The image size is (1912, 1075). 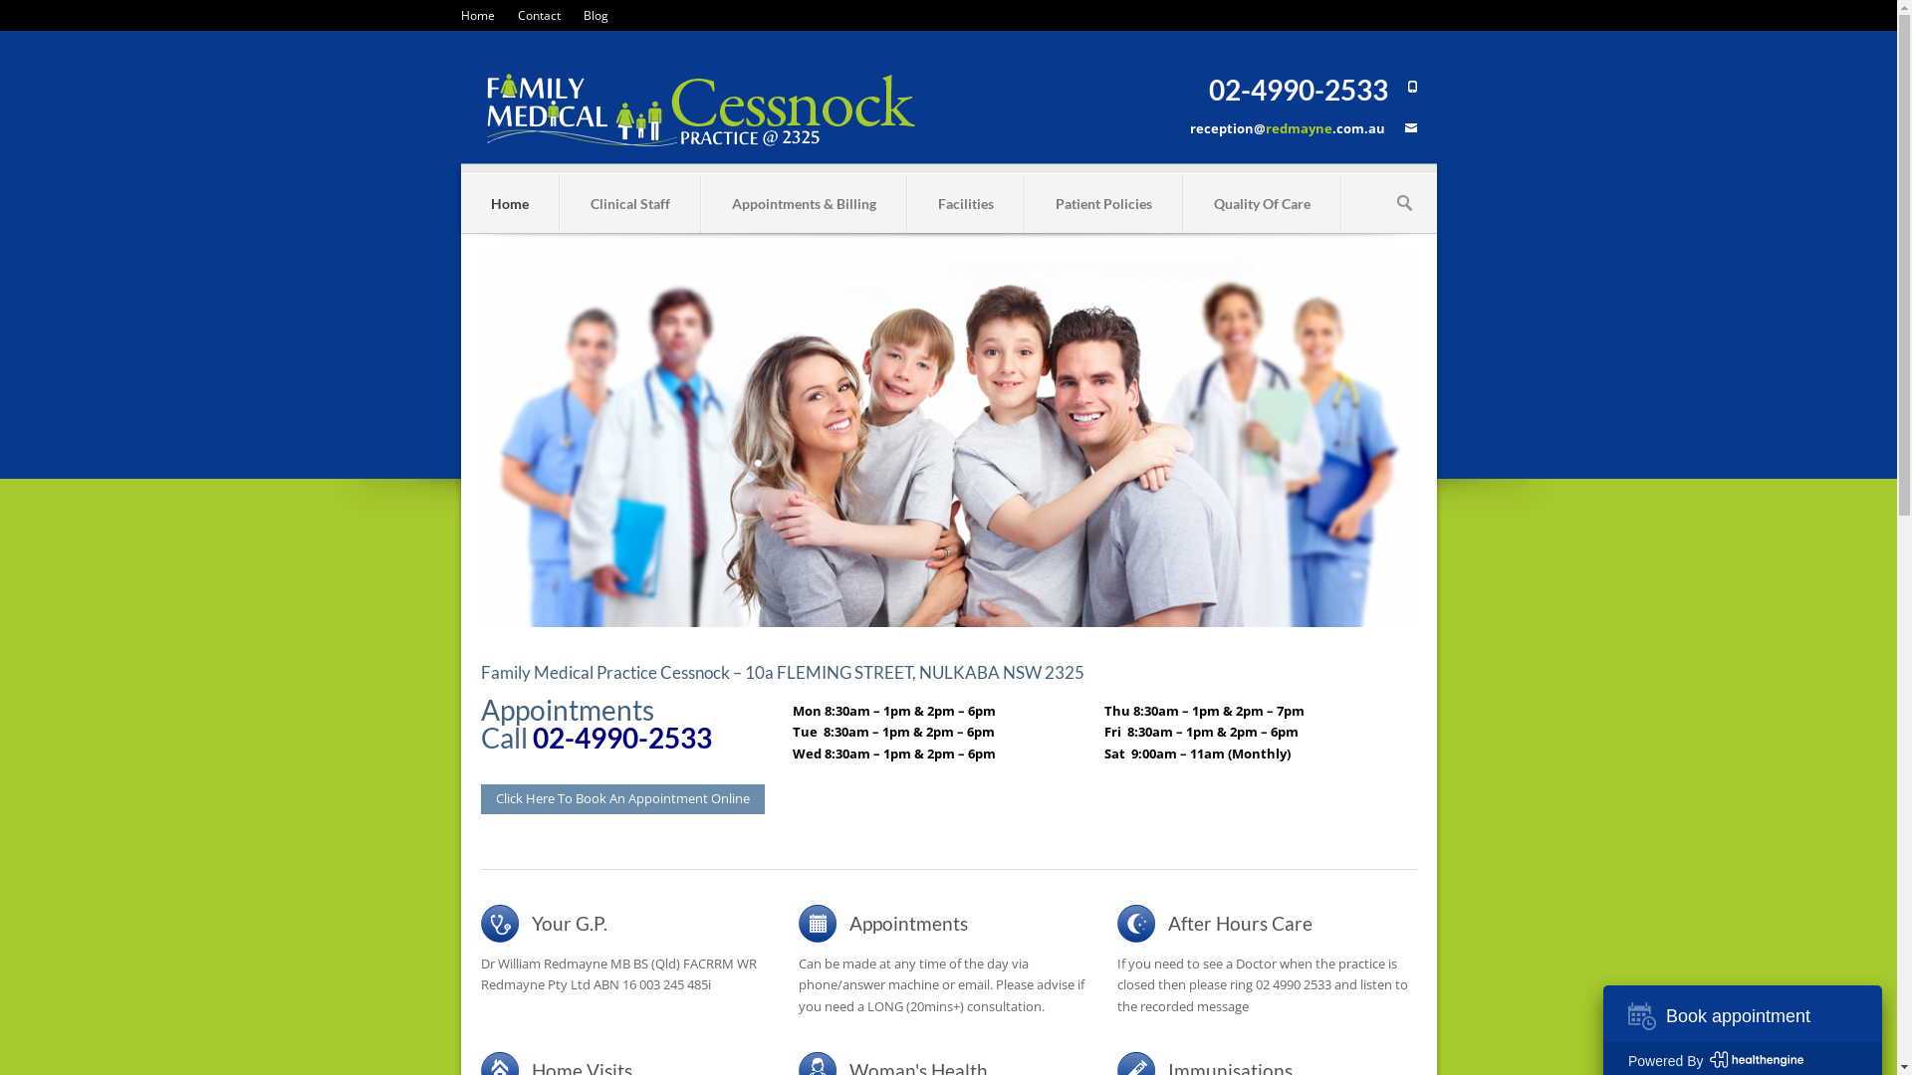 I want to click on 'Facilities', so click(x=907, y=203).